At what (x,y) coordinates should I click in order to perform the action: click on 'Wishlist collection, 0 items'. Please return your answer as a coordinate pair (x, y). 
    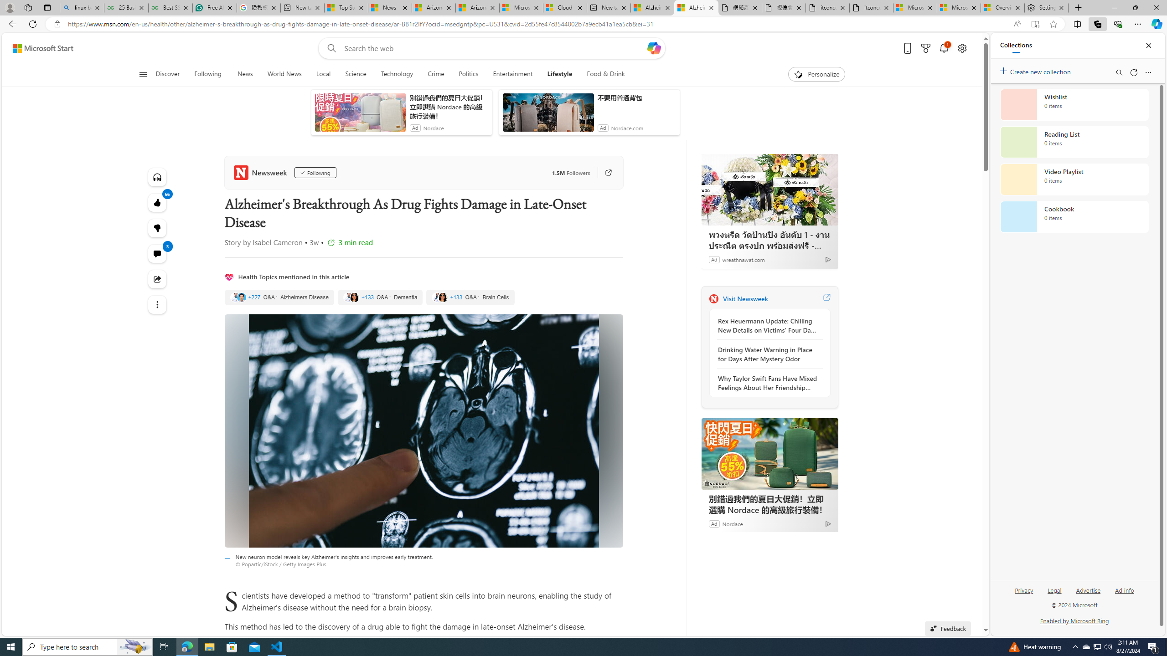
    Looking at the image, I should click on (1074, 104).